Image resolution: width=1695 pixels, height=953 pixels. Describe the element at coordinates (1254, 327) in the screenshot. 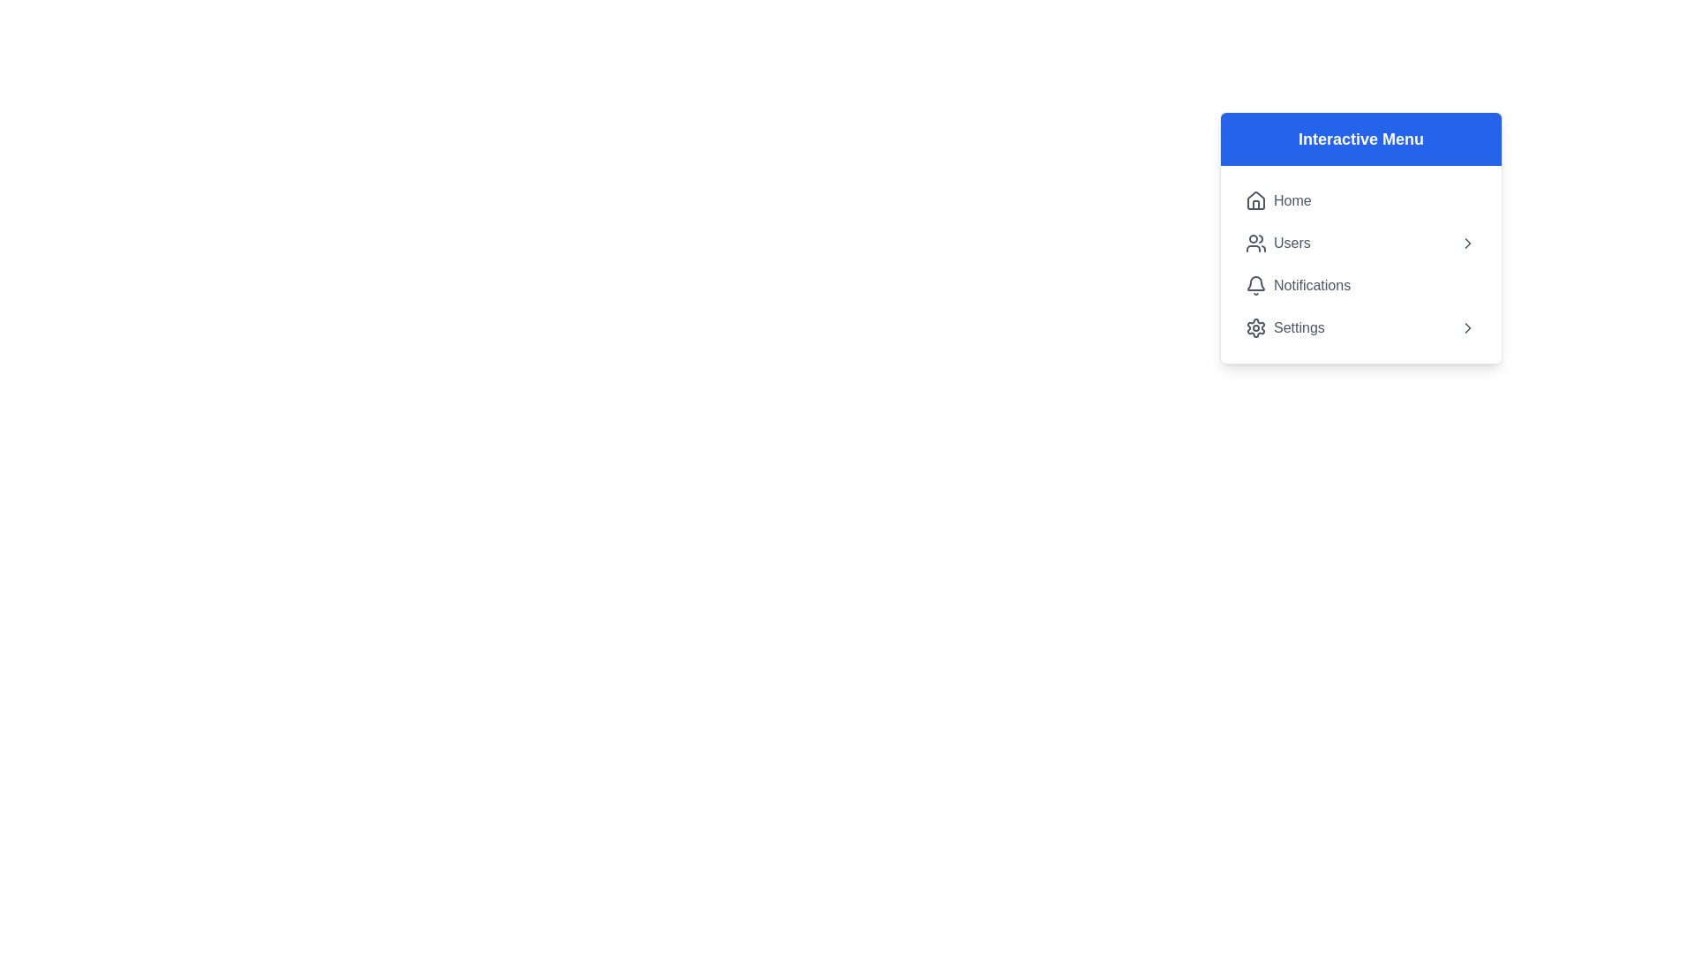

I see `the gear icon, which is a circular and cog-like shape representing settings, located to the left of the 'Settings' text item` at that location.